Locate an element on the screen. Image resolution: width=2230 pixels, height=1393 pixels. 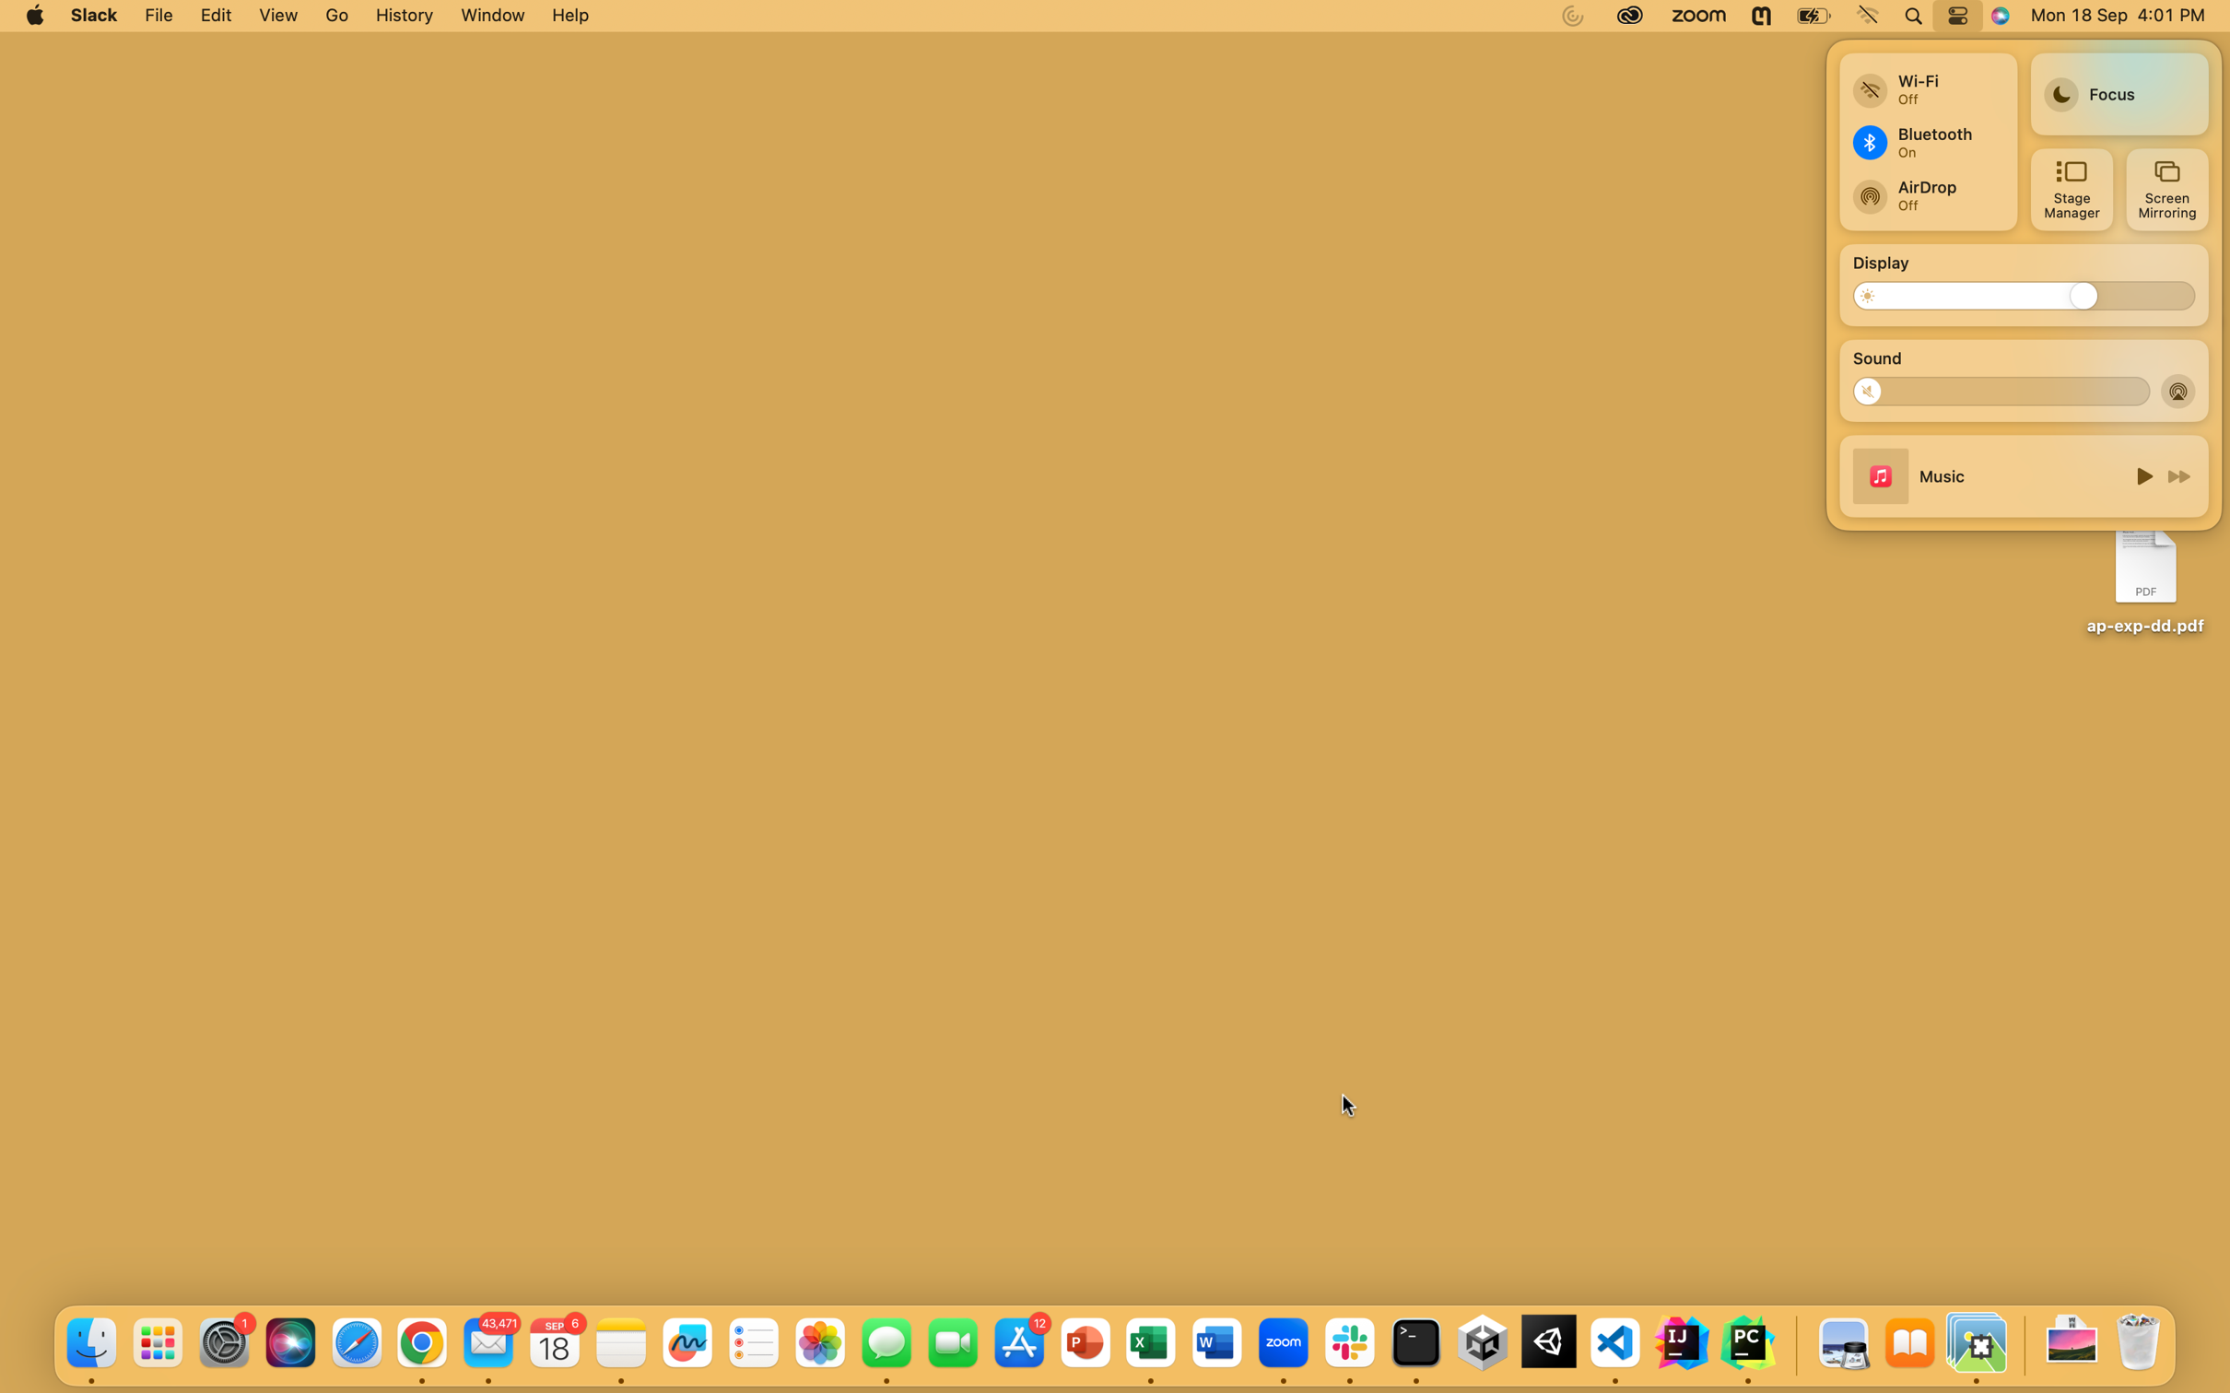
song playback and transition to the following song is located at coordinates (2141, 474).